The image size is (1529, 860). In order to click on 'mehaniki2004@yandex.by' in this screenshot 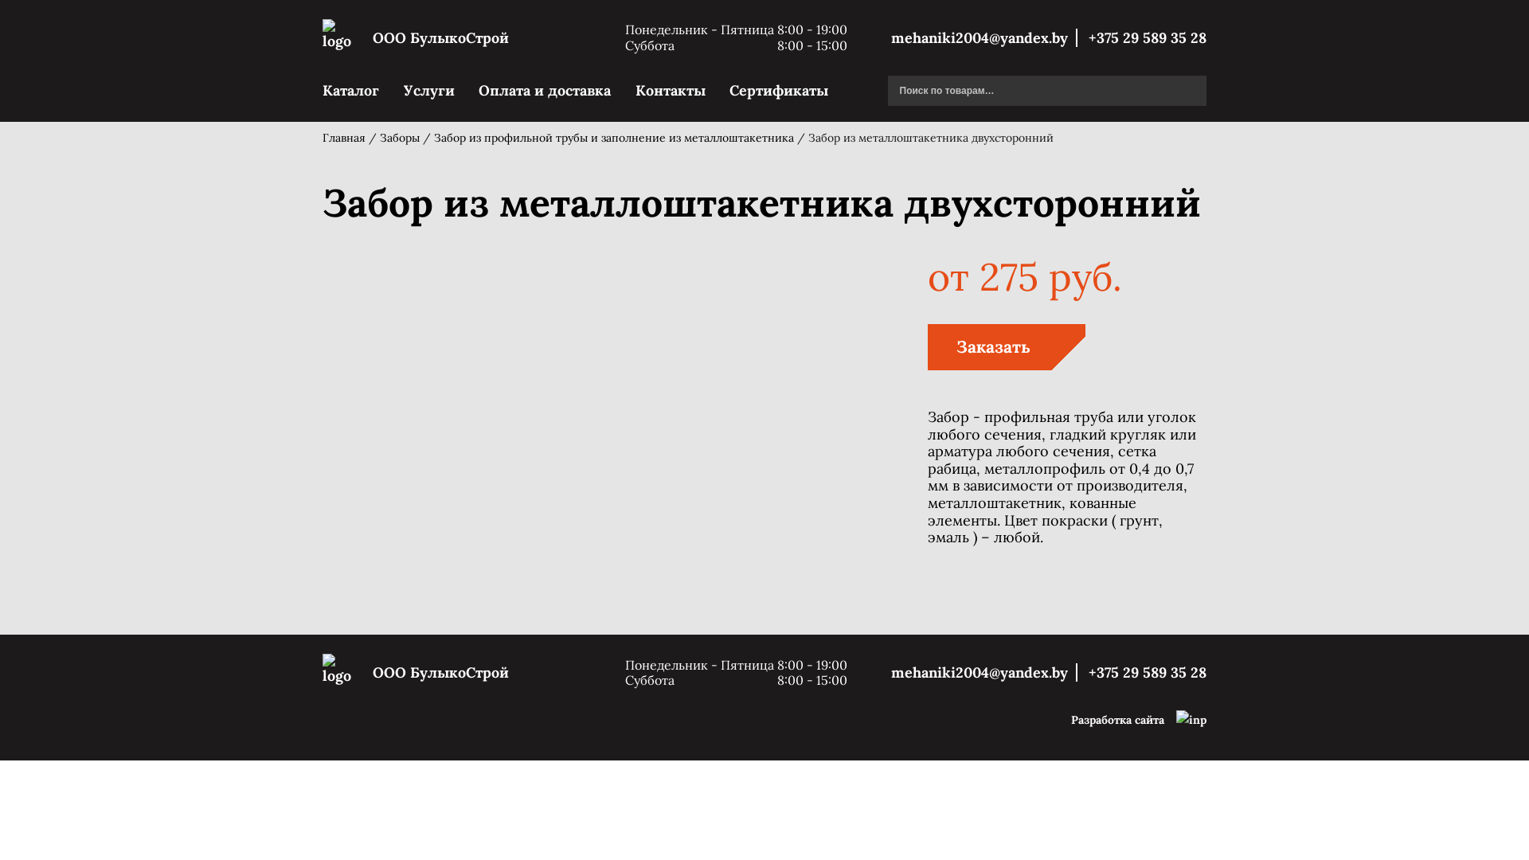, I will do `click(890, 672)`.